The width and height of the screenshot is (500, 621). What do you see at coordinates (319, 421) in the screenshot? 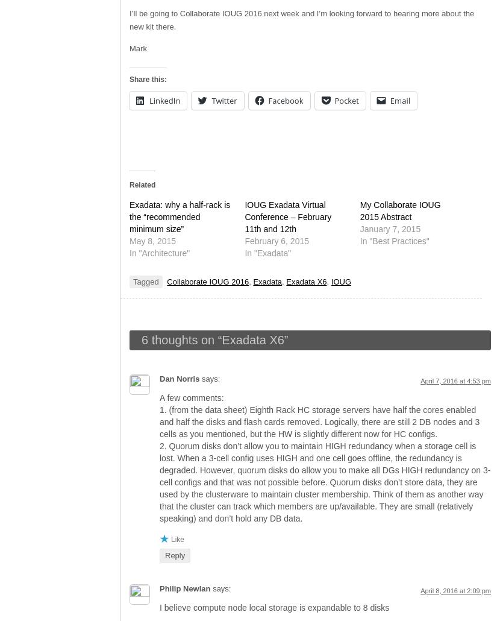
I see `'1. (from the data sheet) Eighth Rack HC storage servers have half the cores enabled and half the disks and flash cards removed. Logically, there are still 2 DB nodes and 3 cells as you mentioned, but the HW is slightly different now for HC configs.'` at bounding box center [319, 421].